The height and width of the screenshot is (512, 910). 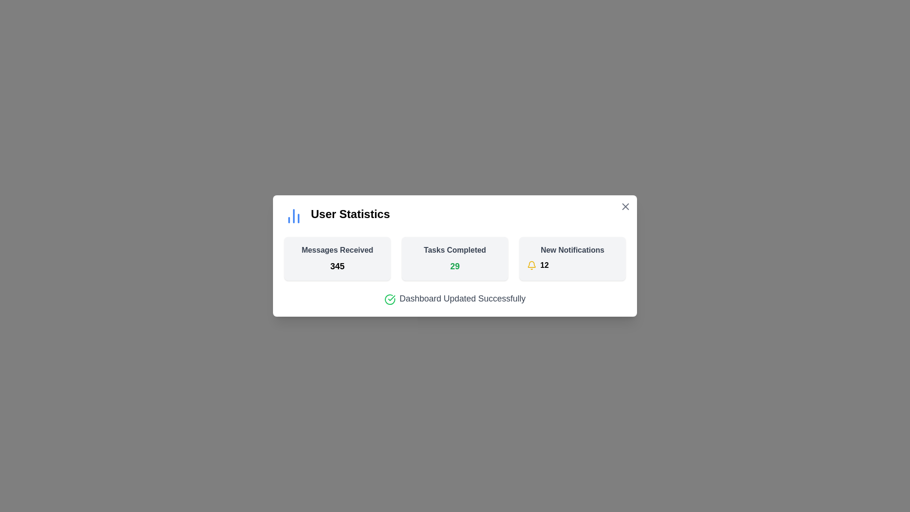 I want to click on the Display Card element that shows 'Tasks Completed' with the number '29' in bold green text, located between the 'Messages Received' and 'New Notifications' cards, so click(x=455, y=259).